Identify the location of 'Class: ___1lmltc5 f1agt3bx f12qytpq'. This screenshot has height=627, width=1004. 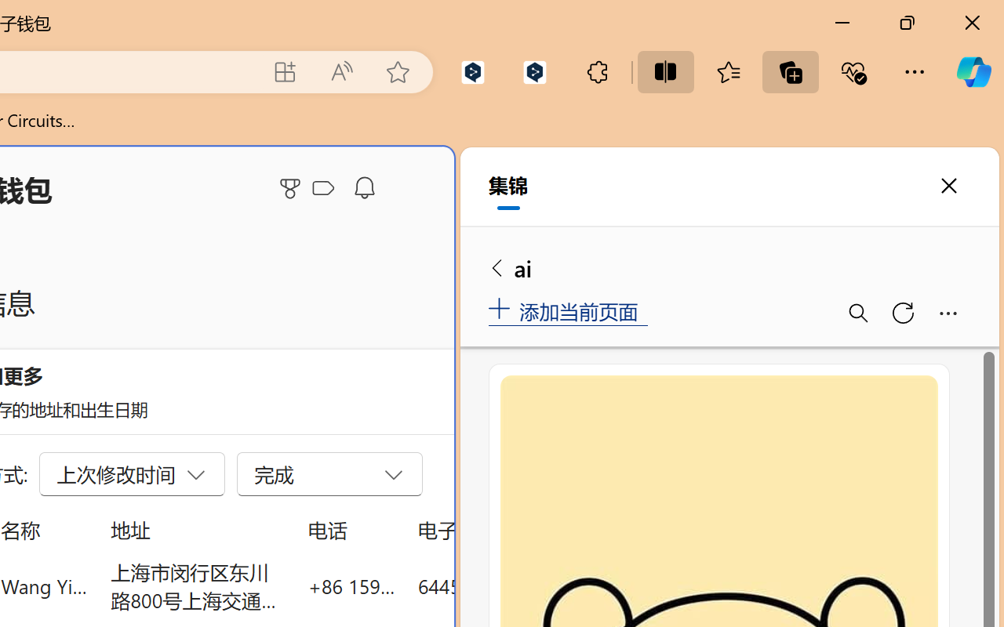
(322, 188).